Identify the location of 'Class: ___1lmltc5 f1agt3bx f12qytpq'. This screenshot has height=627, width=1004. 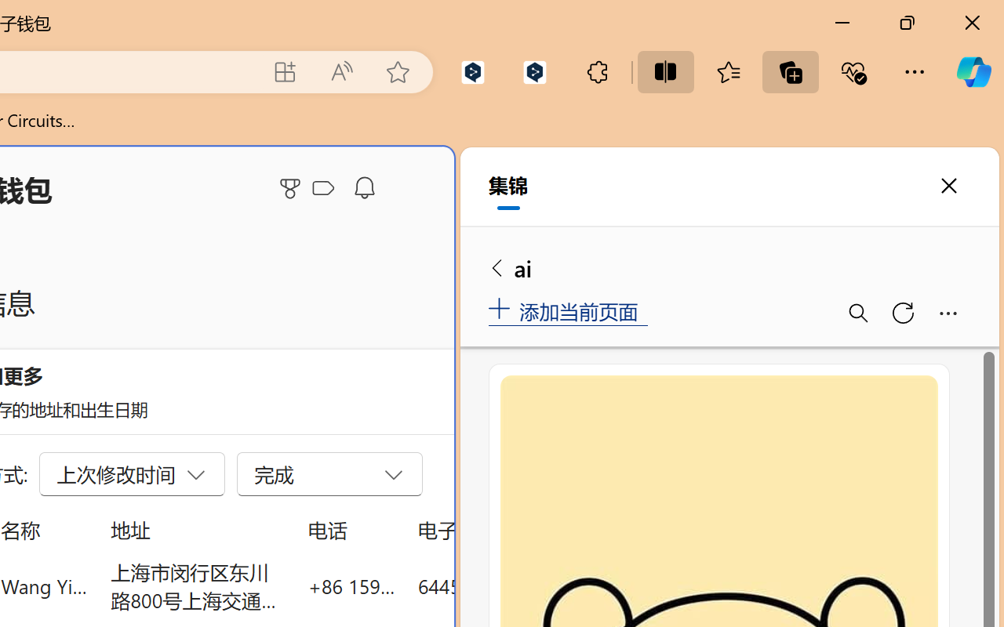
(322, 188).